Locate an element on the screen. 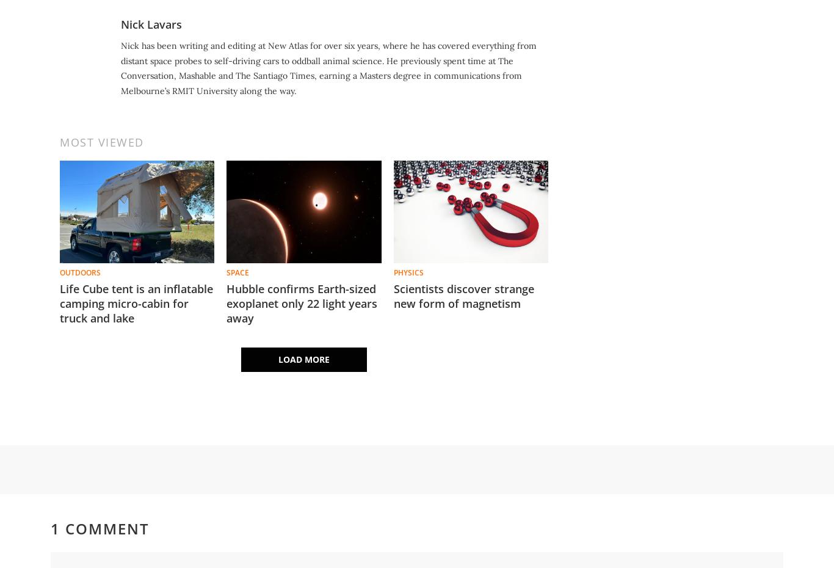 This screenshot has width=834, height=568. 'Nick has been writing and editing at New Atlas for over six years, where he has covered everything from distant space probes to self-driving cars to oddball animal science. He previously spent time at The Conversation, Mashable and The Santiago Times, earning a Masters degree in communications from Melbourne’s RMIT University along the way.' is located at coordinates (328, 68).